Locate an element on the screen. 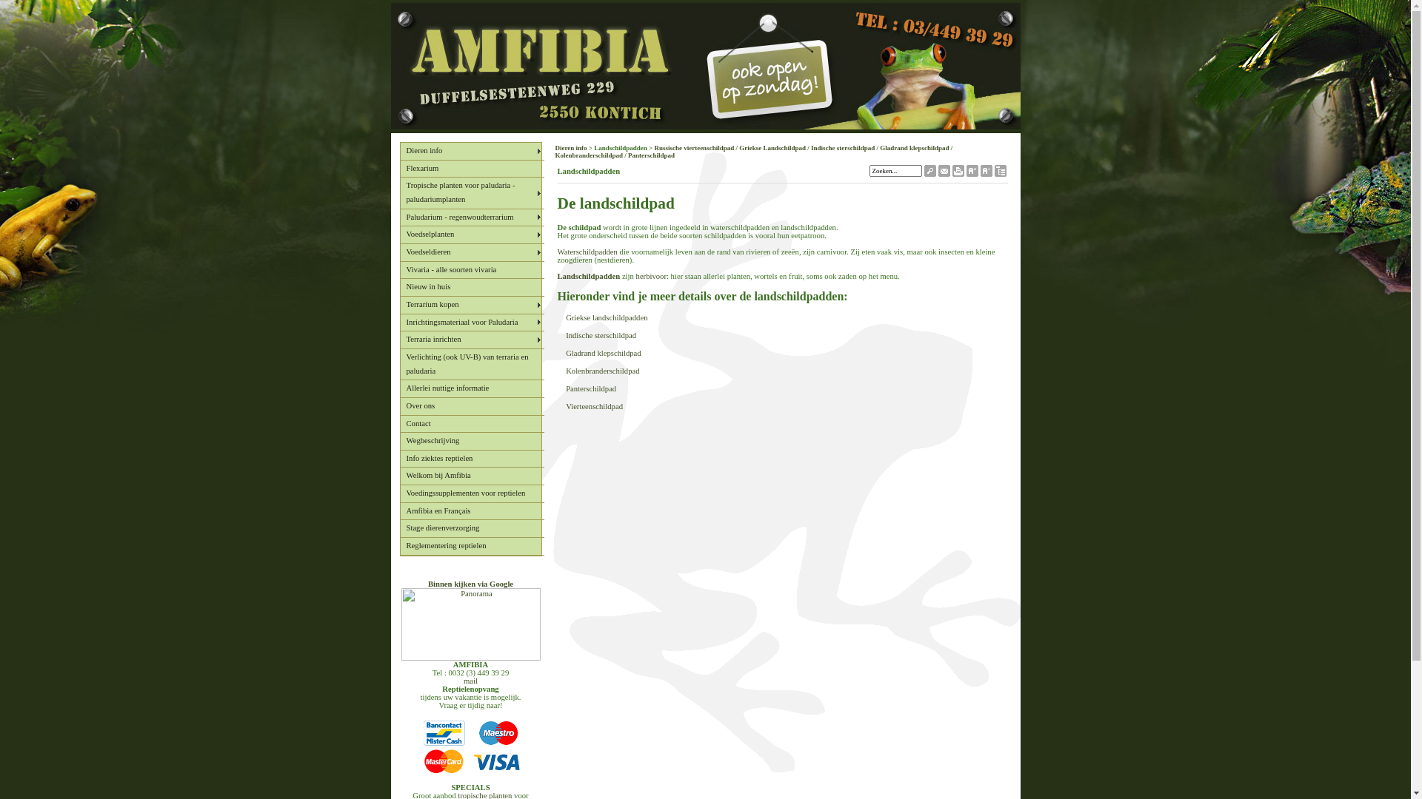 The image size is (1422, 799). 'Wegbeschrijving' is located at coordinates (471, 441).